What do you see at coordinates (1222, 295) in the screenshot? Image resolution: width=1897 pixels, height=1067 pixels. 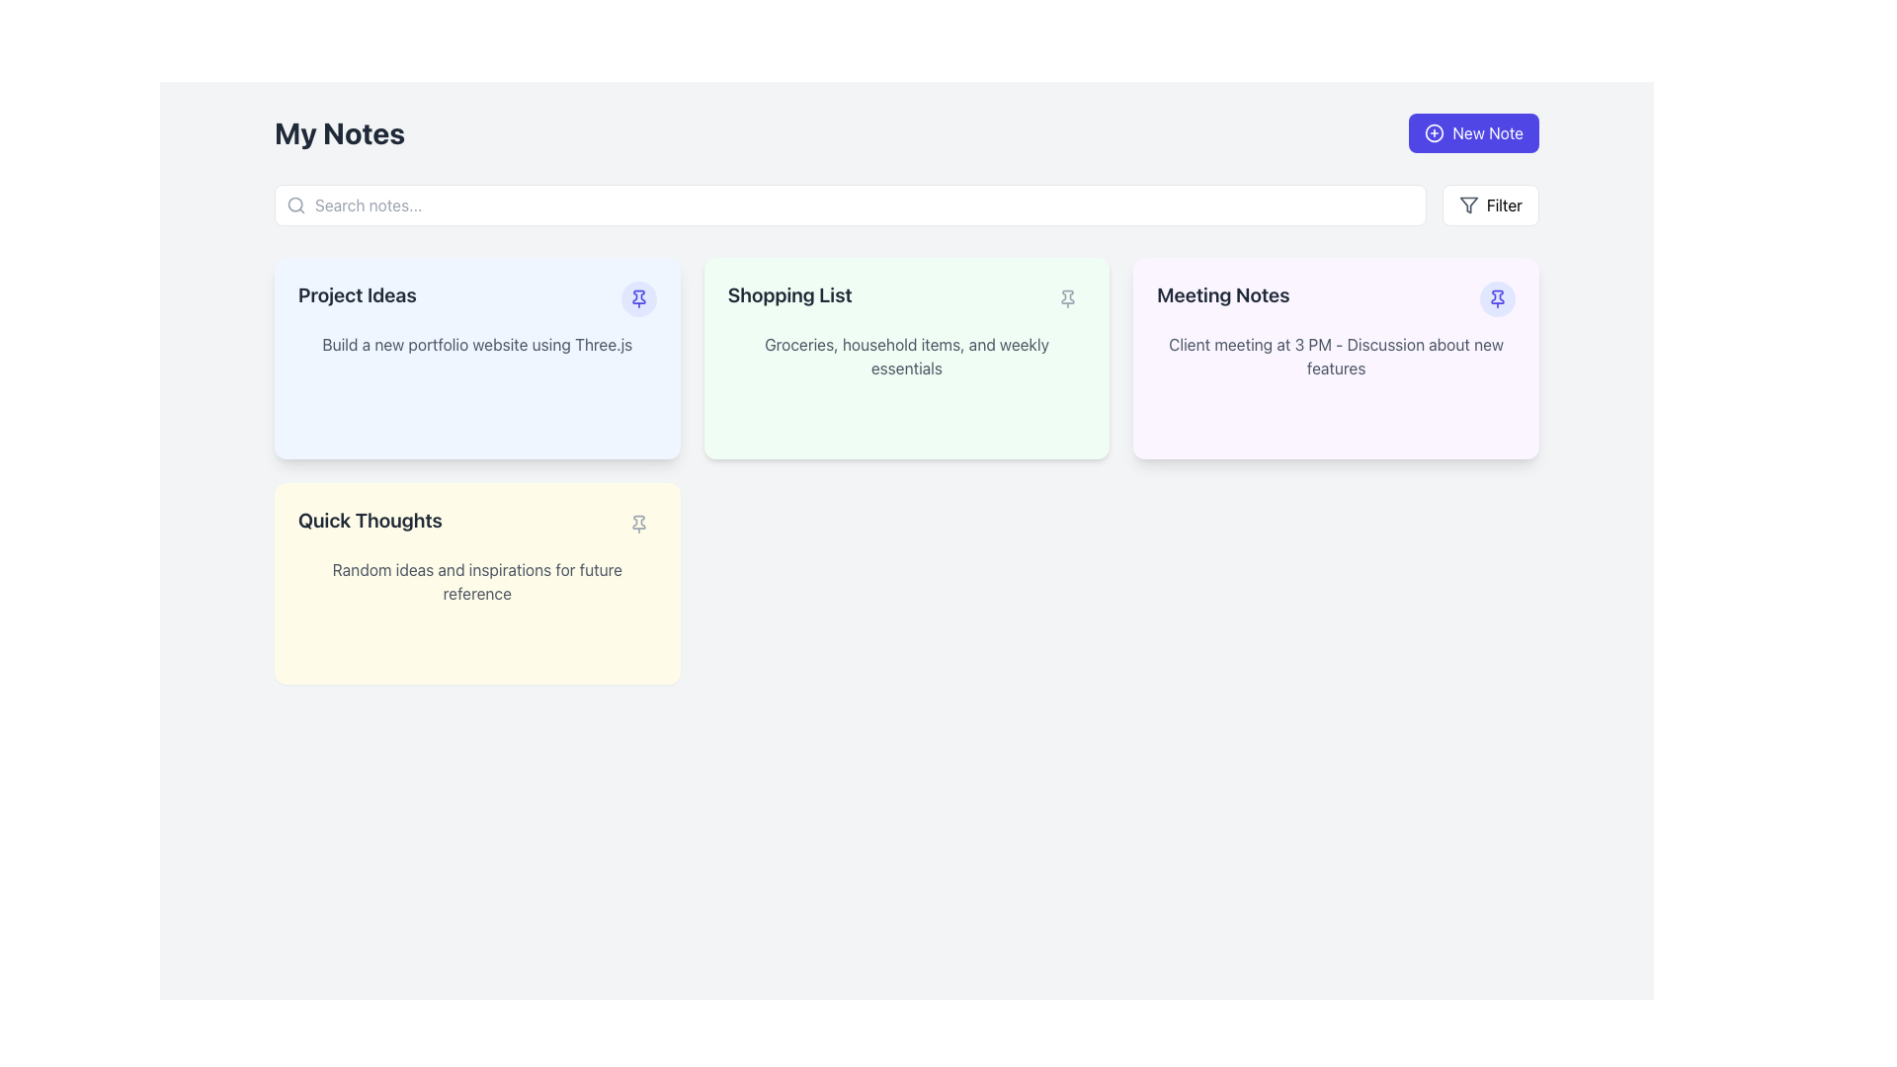 I see `the title text label located on the light purple card in the top-right area of the cards grid` at bounding box center [1222, 295].